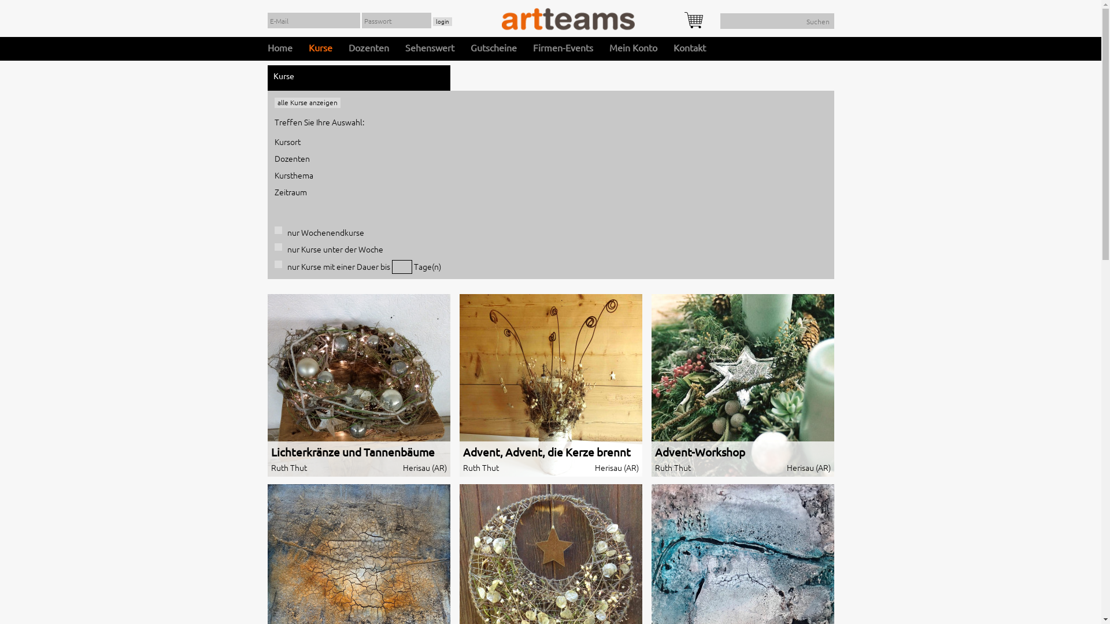  Describe the element at coordinates (563, 48) in the screenshot. I see `'Firmen-Events'` at that location.